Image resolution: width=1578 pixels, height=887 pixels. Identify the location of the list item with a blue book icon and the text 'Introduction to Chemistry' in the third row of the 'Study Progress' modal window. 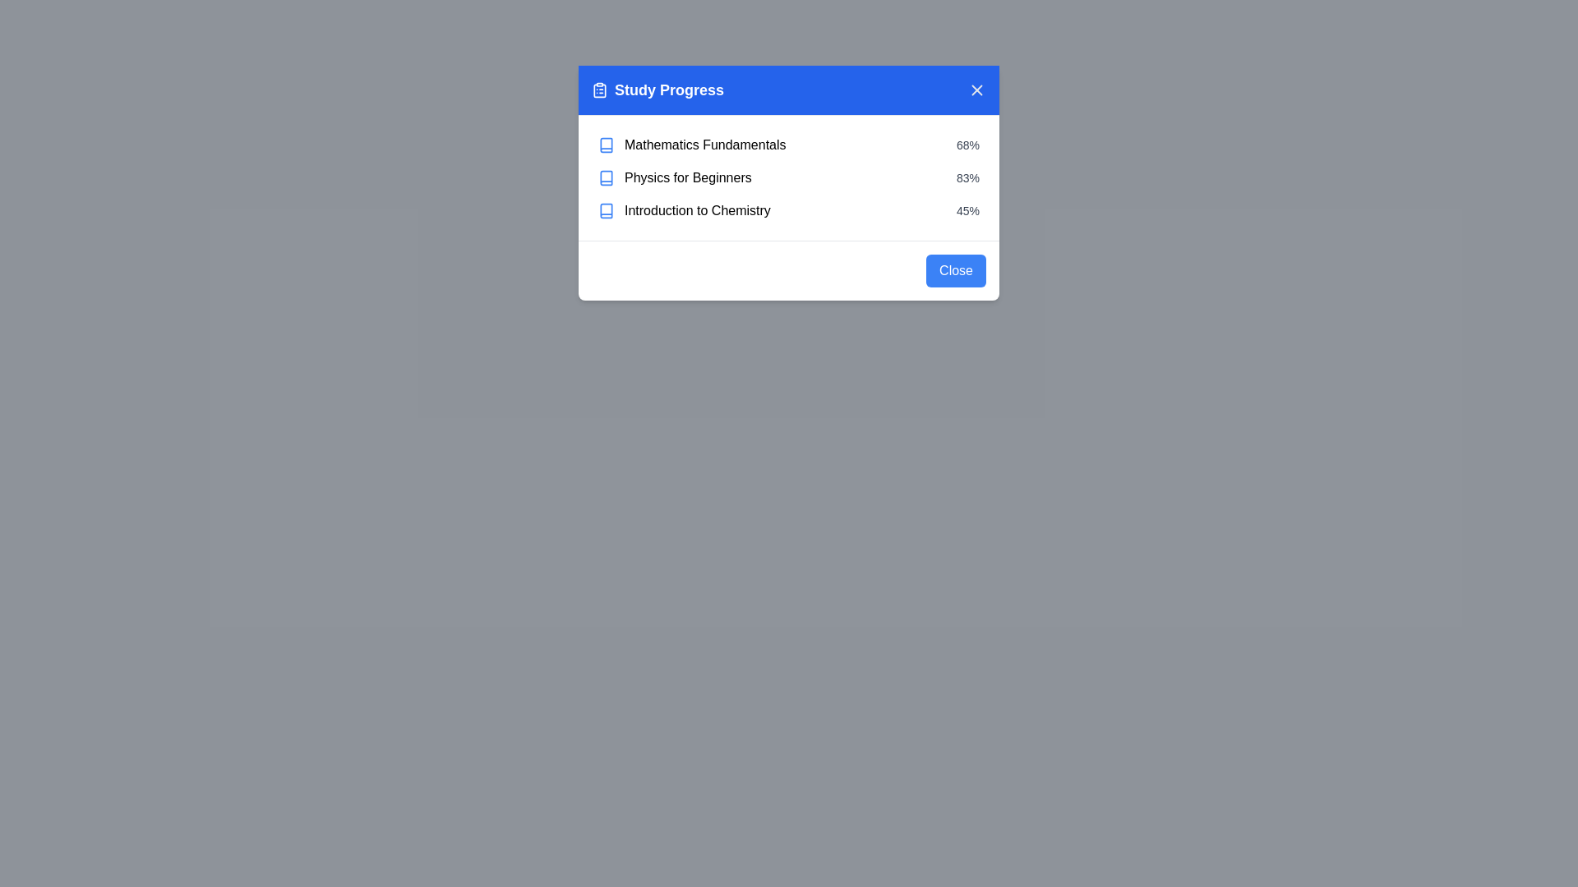
(684, 210).